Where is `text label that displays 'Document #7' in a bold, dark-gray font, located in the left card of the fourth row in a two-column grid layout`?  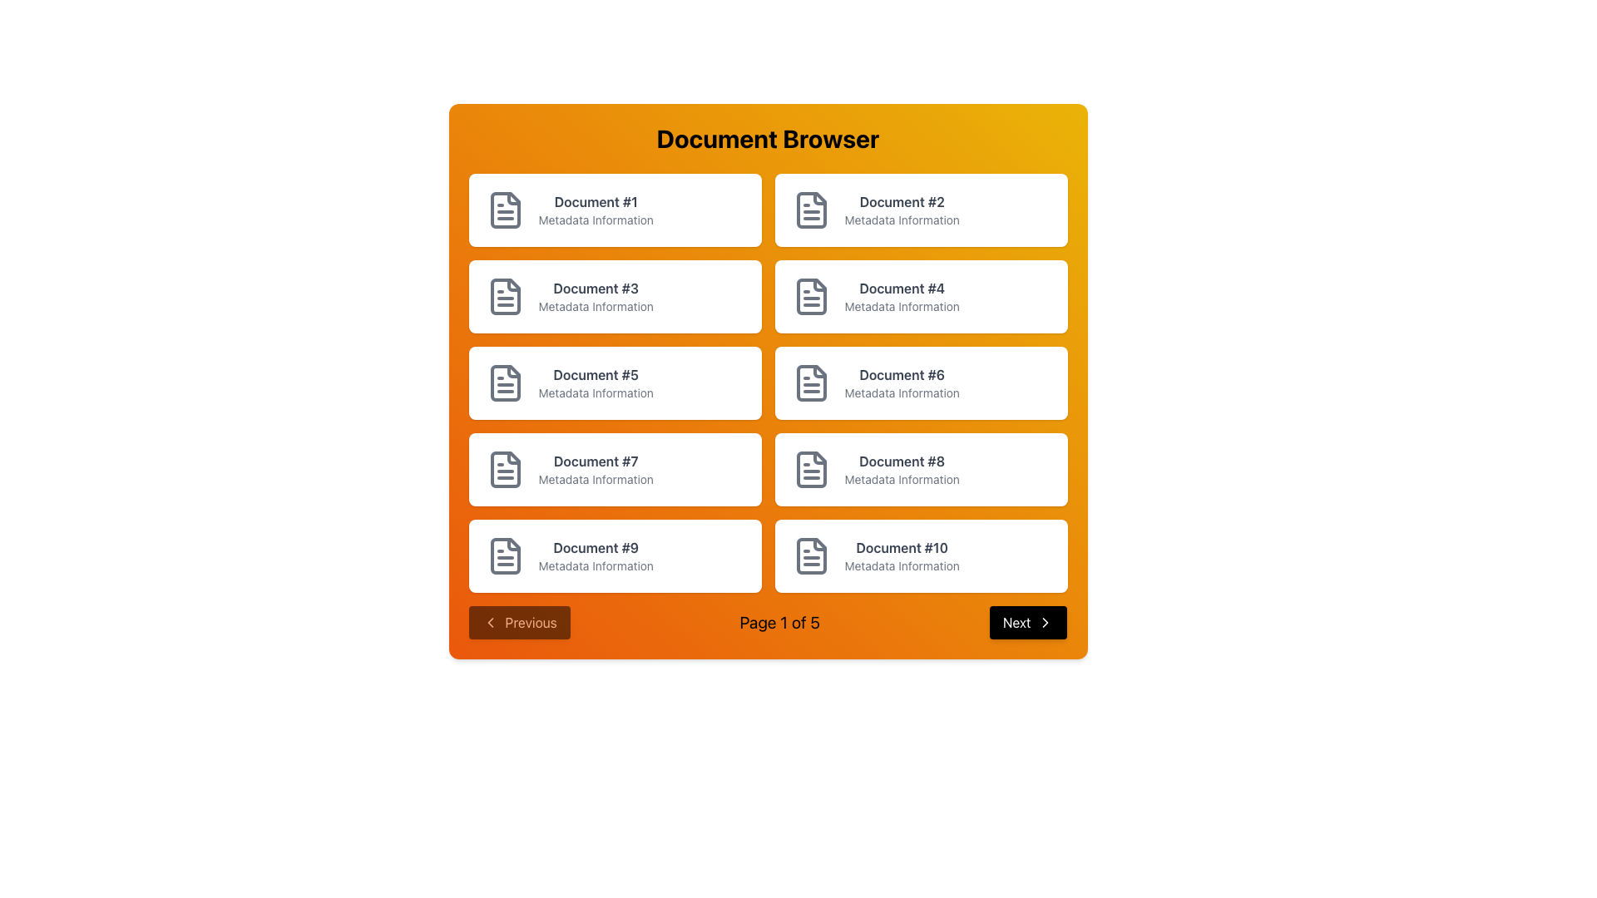
text label that displays 'Document #7' in a bold, dark-gray font, located in the left card of the fourth row in a two-column grid layout is located at coordinates (596, 461).